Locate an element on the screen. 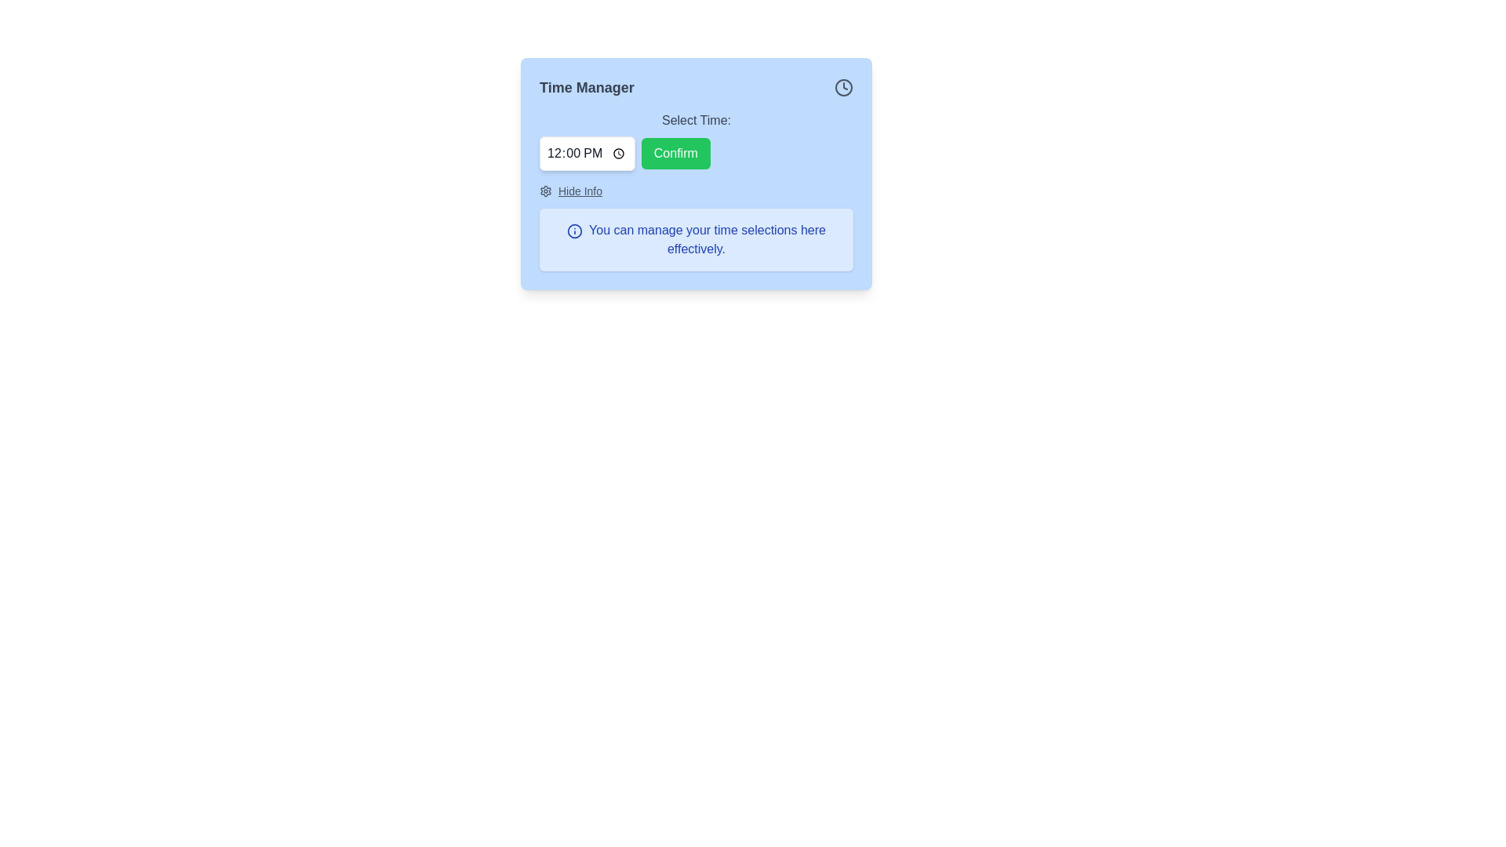 This screenshot has height=847, width=1506. the blue outlined circular SVG component that is part of the 'info' icon, located beside the 'Time Manager' heading at the top-right corner of the interface is located at coordinates (574, 231).